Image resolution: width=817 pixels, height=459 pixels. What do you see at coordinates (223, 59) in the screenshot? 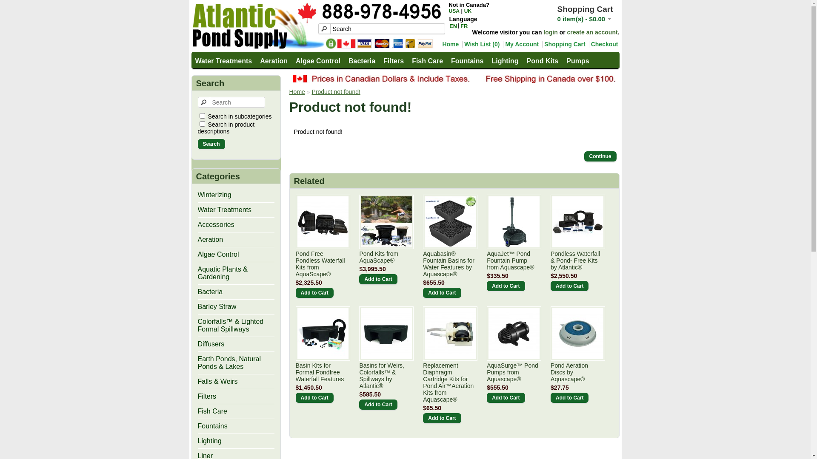
I see `'Water Treatments'` at bounding box center [223, 59].